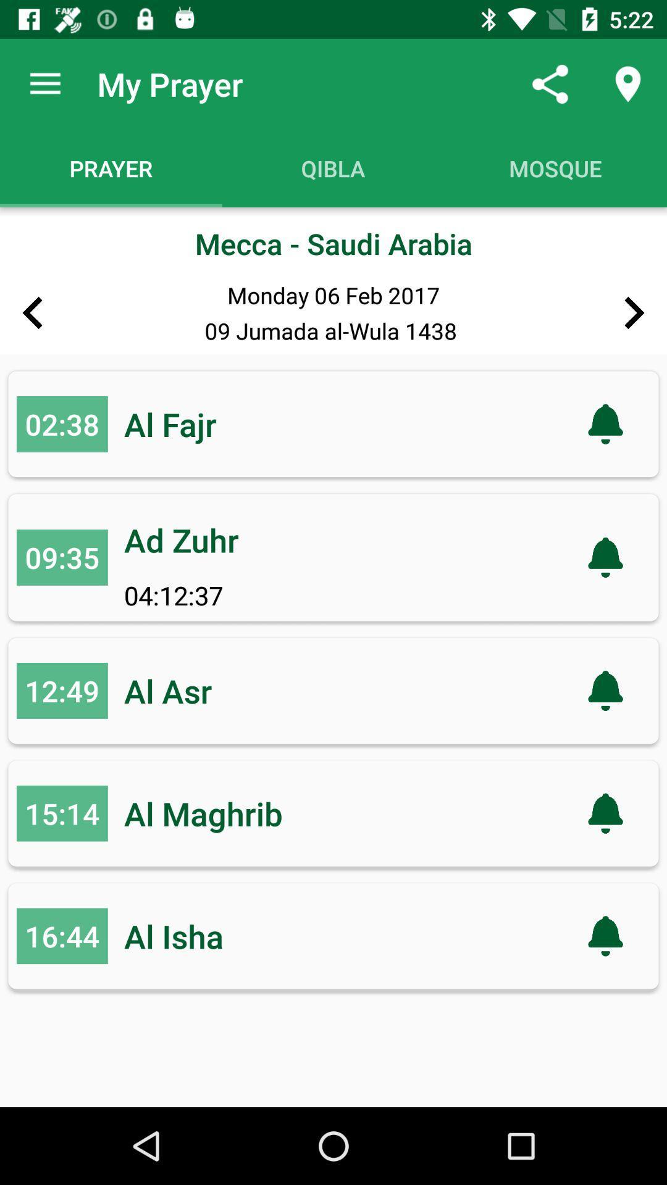 The image size is (667, 1185). I want to click on the icon below 02:38 icon, so click(62, 557).